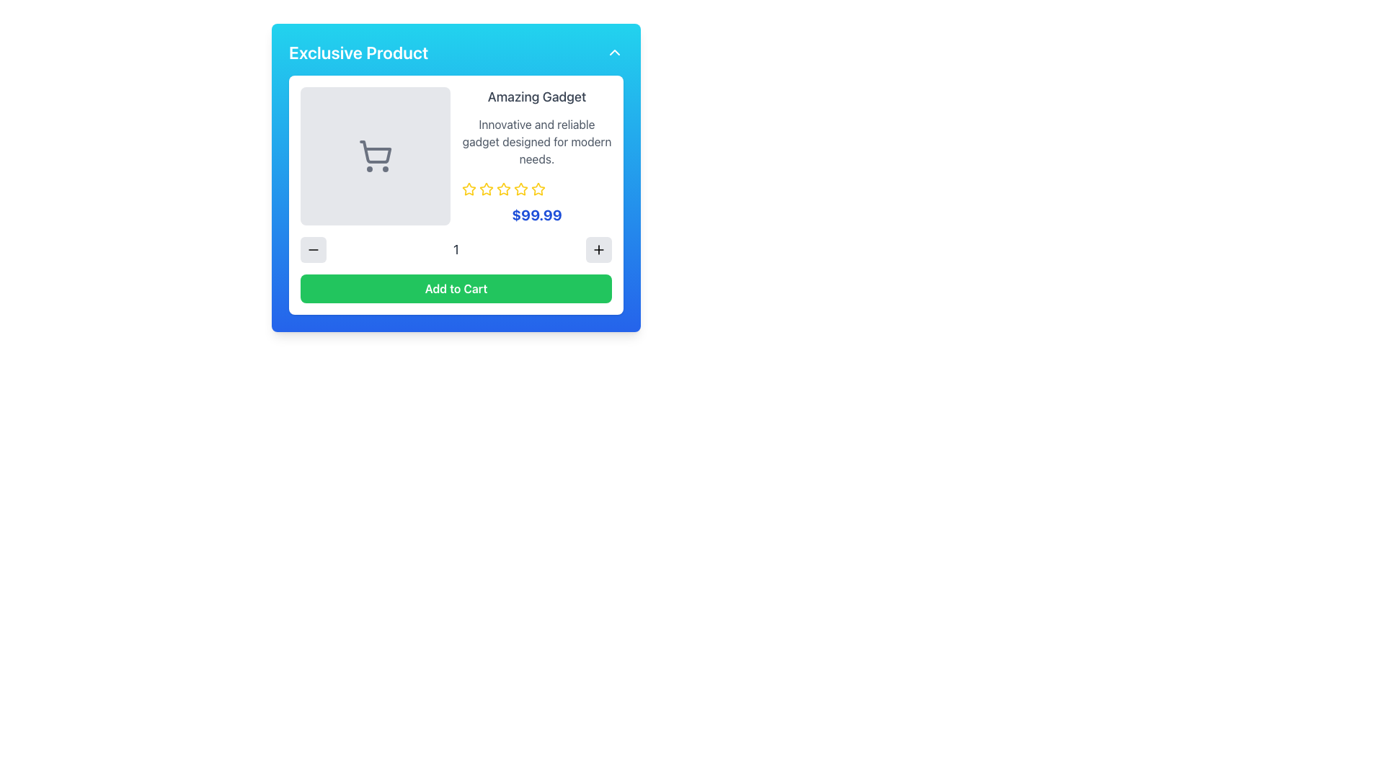 The width and height of the screenshot is (1384, 778). I want to click on the fourth star icon in the five-star rating system located below the text 'Amazing Gadget' and above the price '99.99', so click(538, 188).